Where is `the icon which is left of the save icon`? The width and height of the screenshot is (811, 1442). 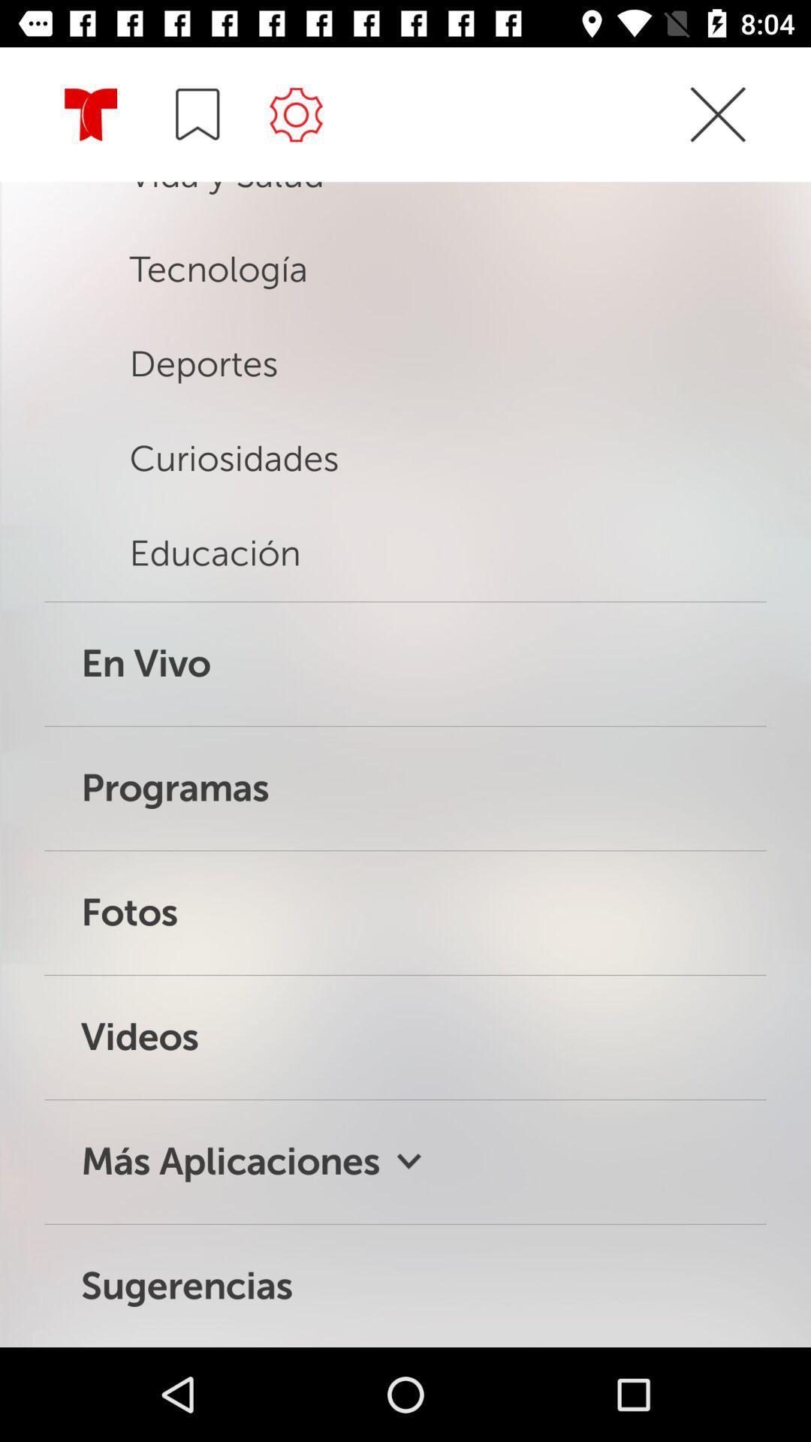
the icon which is left of the save icon is located at coordinates (90, 115).